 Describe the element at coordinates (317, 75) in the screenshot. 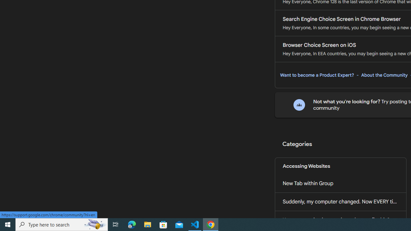

I see `'Want to become a Product Expert?'` at that location.